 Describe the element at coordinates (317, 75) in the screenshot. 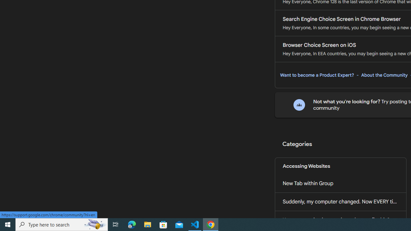

I see `'Want to become a Product Expert?'` at that location.